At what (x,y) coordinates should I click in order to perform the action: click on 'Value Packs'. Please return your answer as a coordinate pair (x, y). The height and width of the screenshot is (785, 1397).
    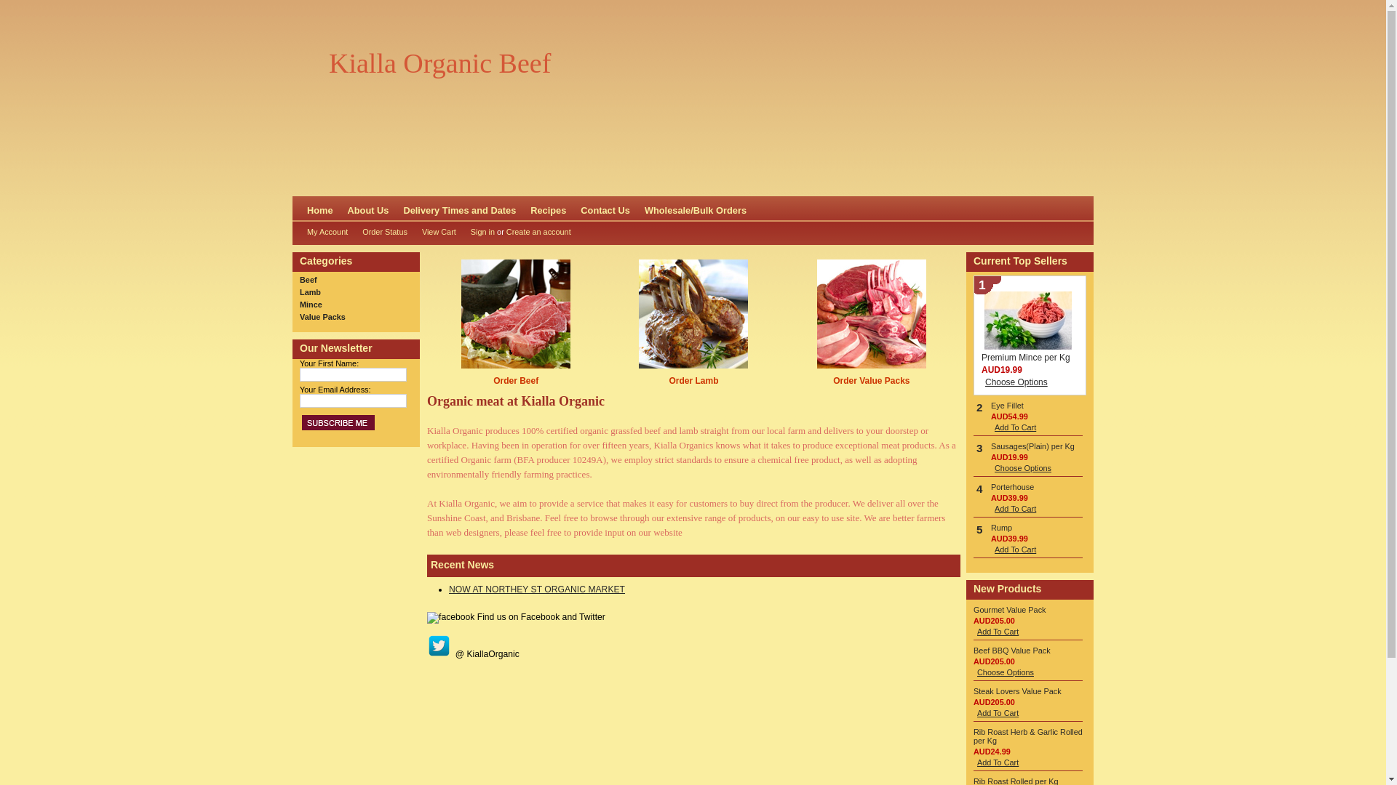
    Looking at the image, I should click on (322, 315).